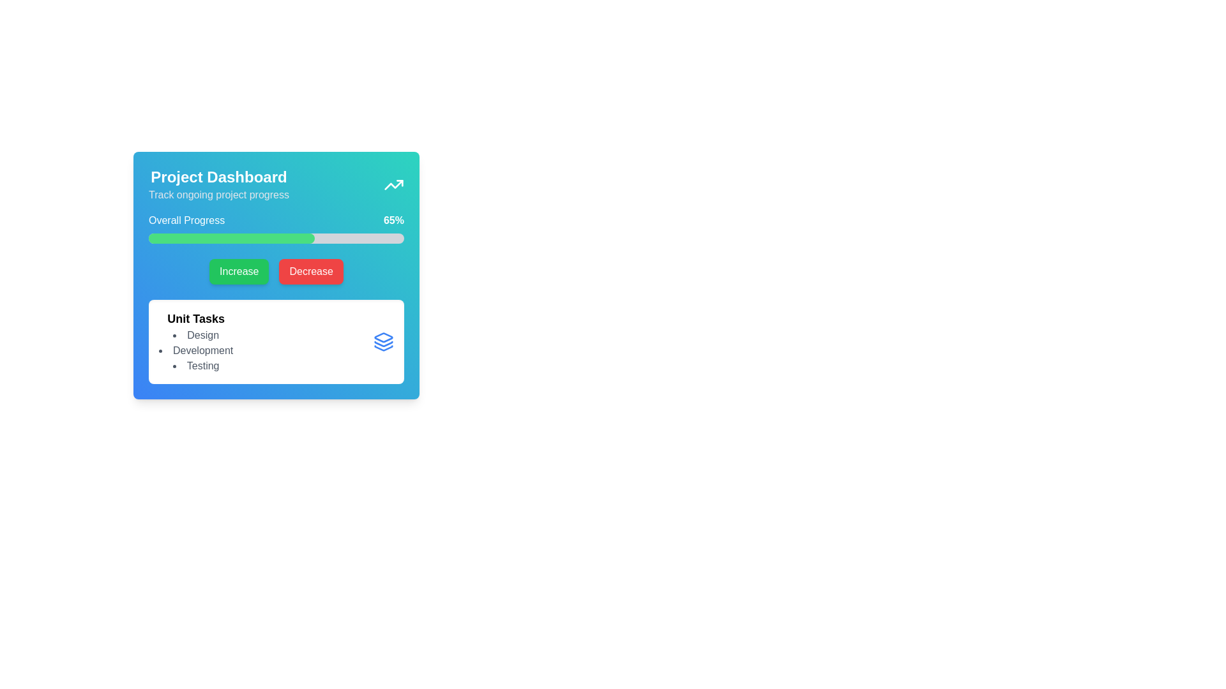  Describe the element at coordinates (393, 184) in the screenshot. I see `left line segment of the zigzag pattern in the SVG graphic representing the trending upwards symbol, located within the 'Project Dashboard' card` at that location.